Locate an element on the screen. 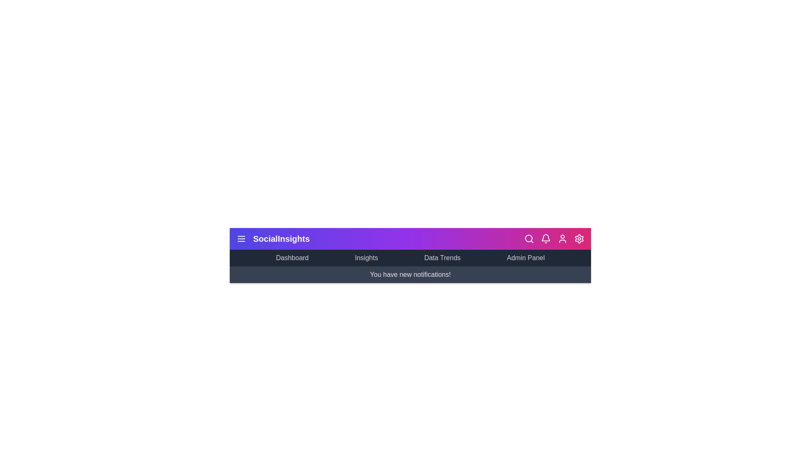 The width and height of the screenshot is (802, 451). the 'User' icon to interact with it is located at coordinates (563, 238).